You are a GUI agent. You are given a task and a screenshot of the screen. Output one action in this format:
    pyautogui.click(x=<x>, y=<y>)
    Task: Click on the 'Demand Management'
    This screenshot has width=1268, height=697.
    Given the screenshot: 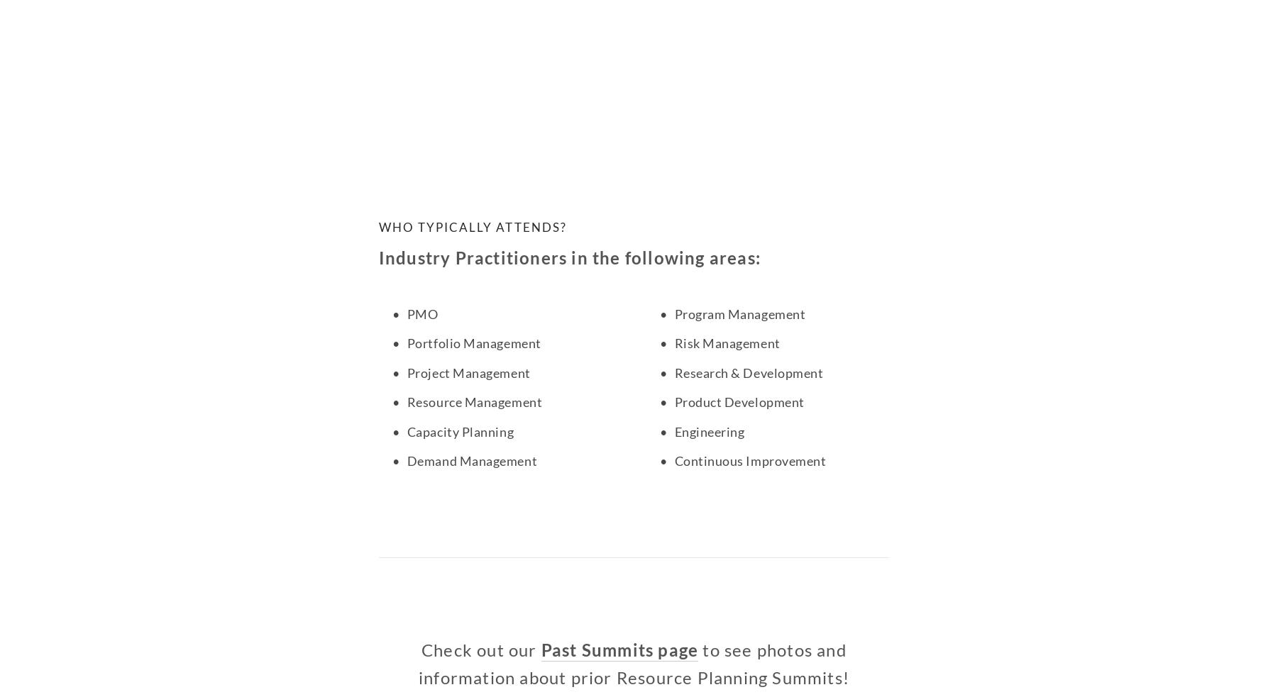 What is the action you would take?
    pyautogui.click(x=405, y=460)
    